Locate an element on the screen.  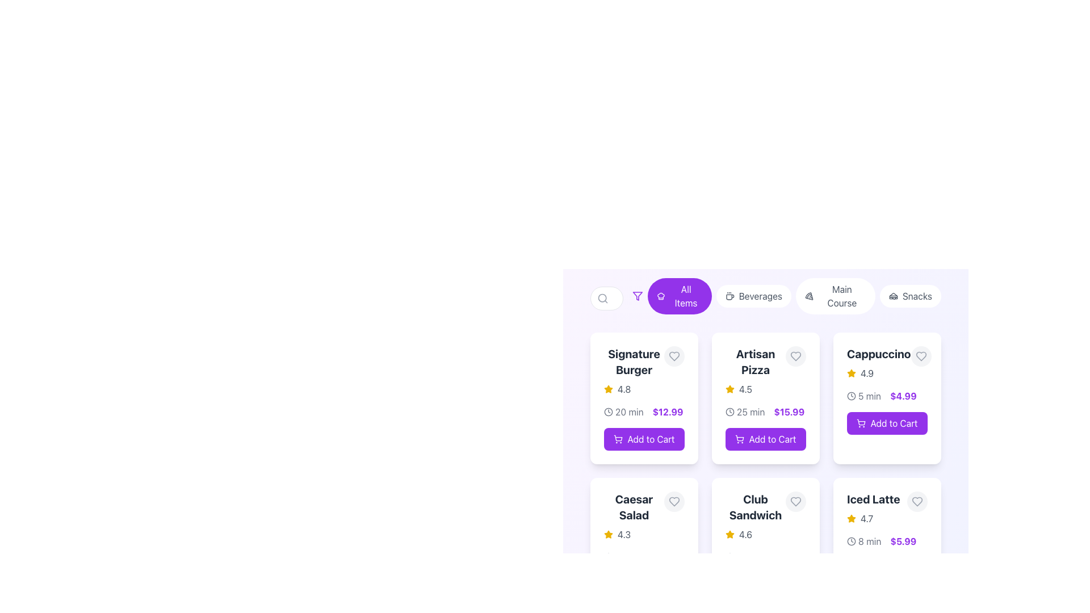
the button located at the bottom of the card for the item 'Artisan Pizza' is located at coordinates (765, 439).